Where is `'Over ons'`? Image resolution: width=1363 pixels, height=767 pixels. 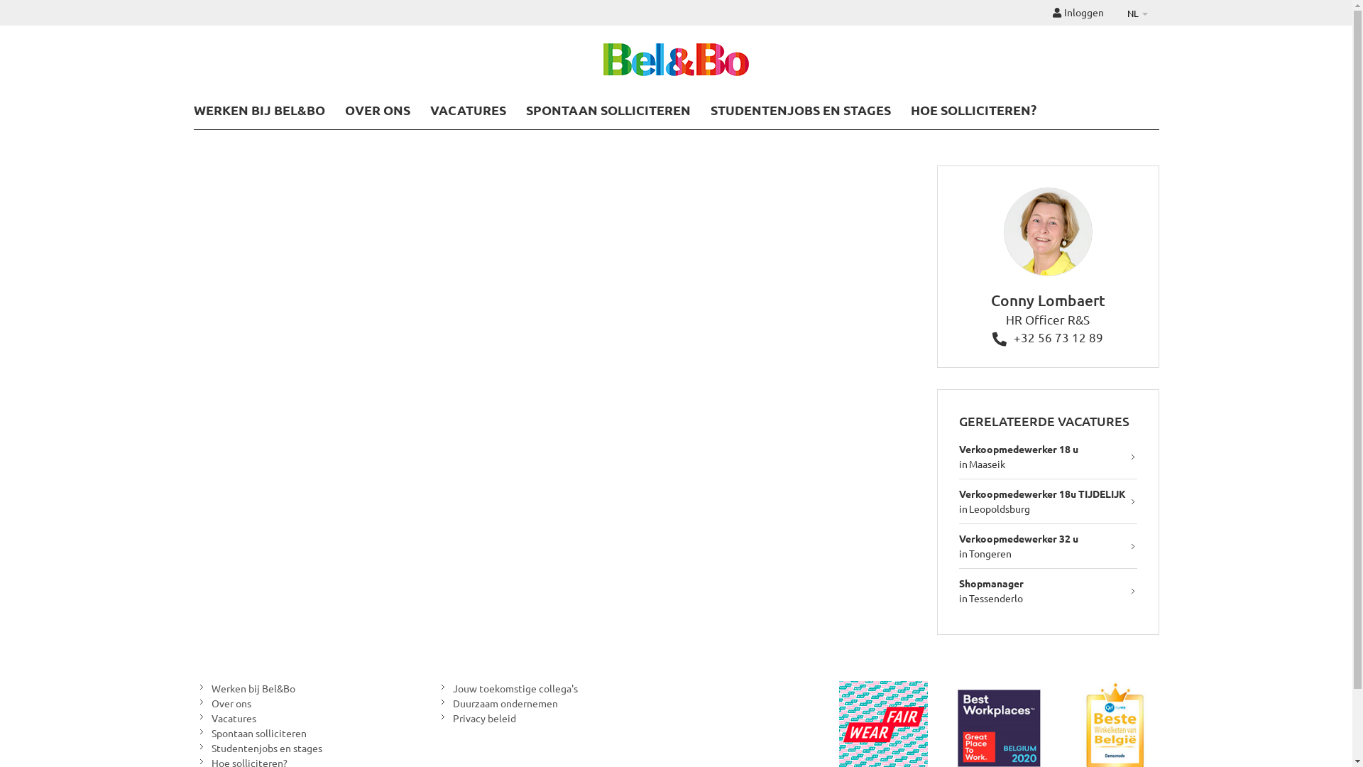 'Over ons' is located at coordinates (221, 703).